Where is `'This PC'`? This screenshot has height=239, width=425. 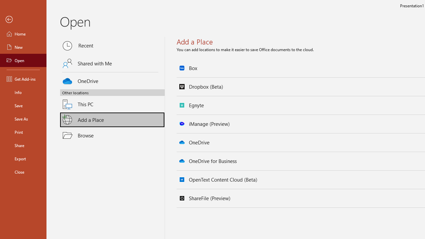 'This PC' is located at coordinates (112, 100).